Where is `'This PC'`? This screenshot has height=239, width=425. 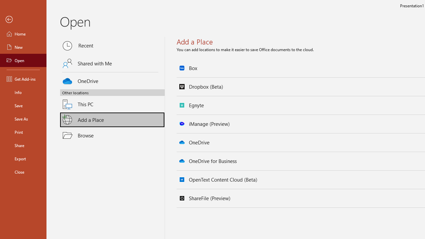 'This PC' is located at coordinates (112, 100).